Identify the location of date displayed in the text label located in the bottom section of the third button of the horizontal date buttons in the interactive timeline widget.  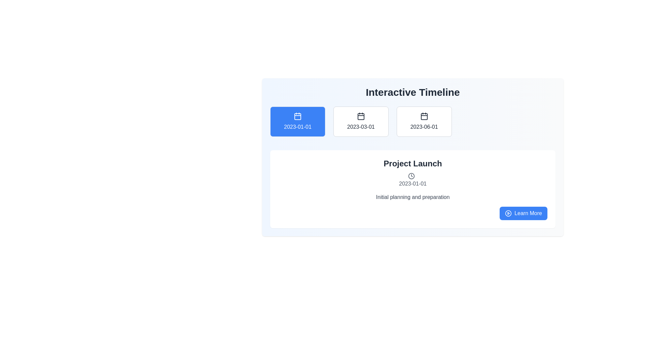
(424, 127).